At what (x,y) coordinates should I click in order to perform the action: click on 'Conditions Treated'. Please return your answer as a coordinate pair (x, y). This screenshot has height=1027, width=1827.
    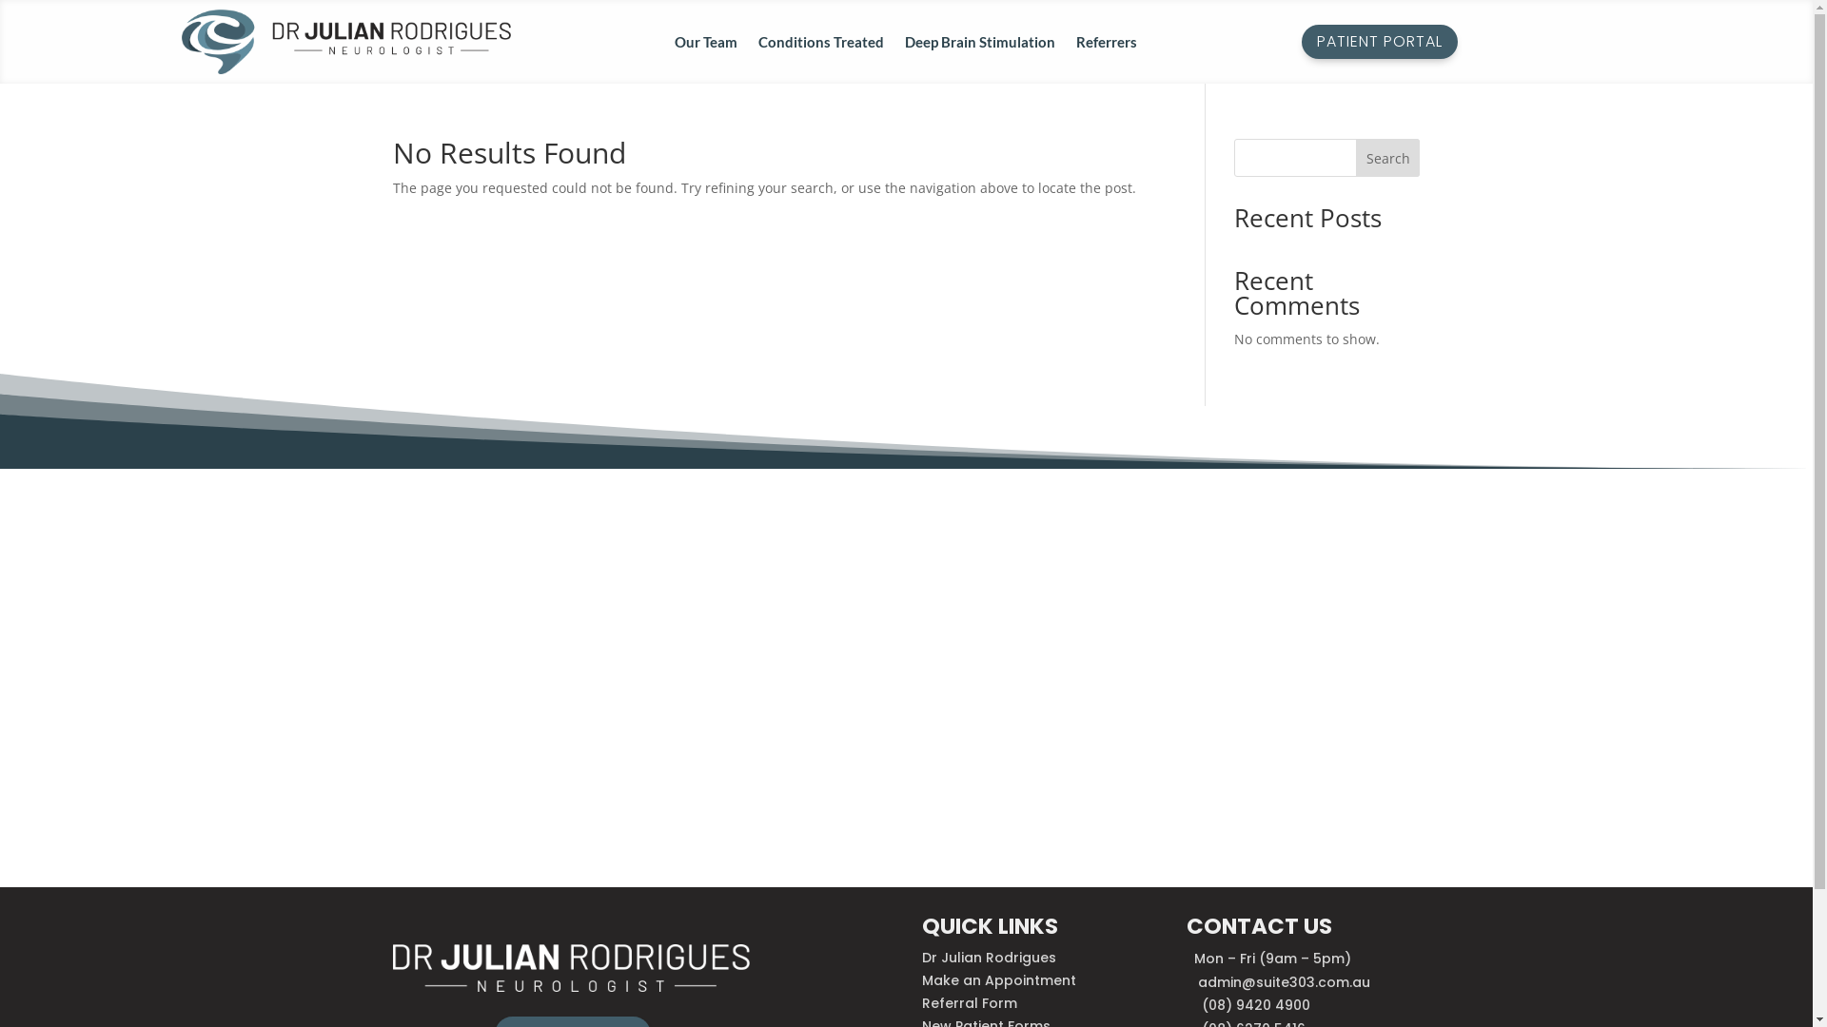
    Looking at the image, I should click on (821, 44).